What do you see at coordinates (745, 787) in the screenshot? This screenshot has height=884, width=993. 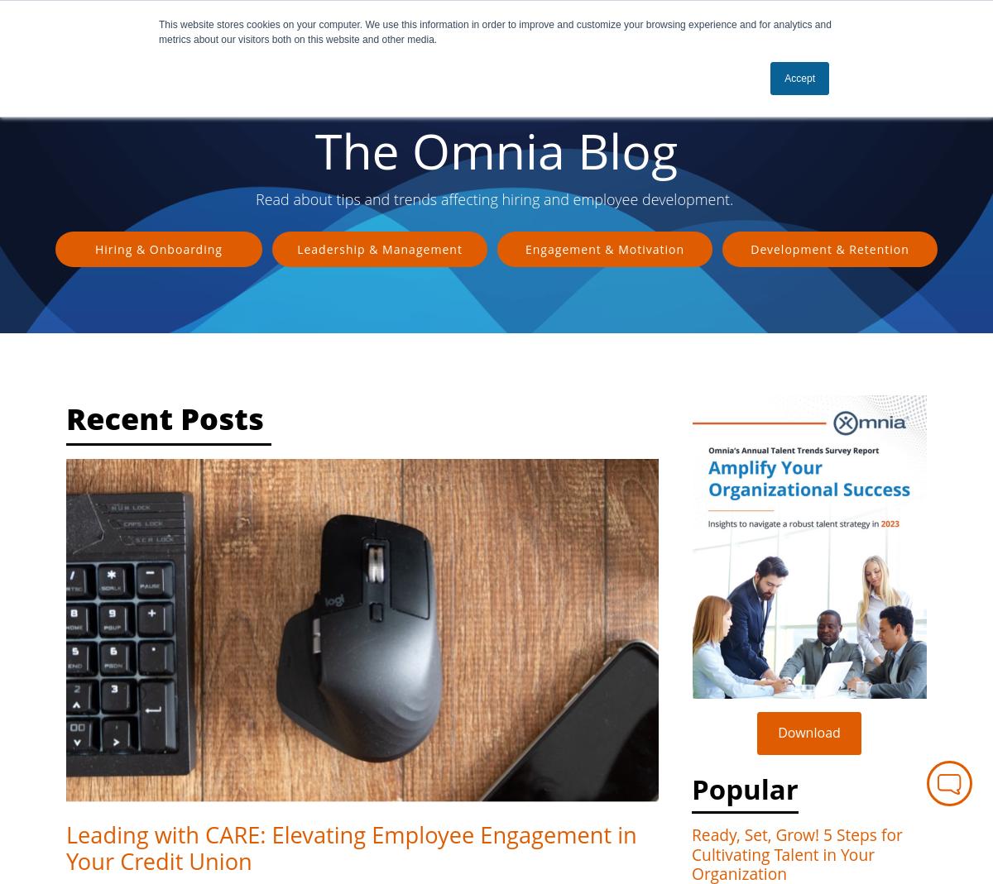 I see `'Popular'` at bounding box center [745, 787].